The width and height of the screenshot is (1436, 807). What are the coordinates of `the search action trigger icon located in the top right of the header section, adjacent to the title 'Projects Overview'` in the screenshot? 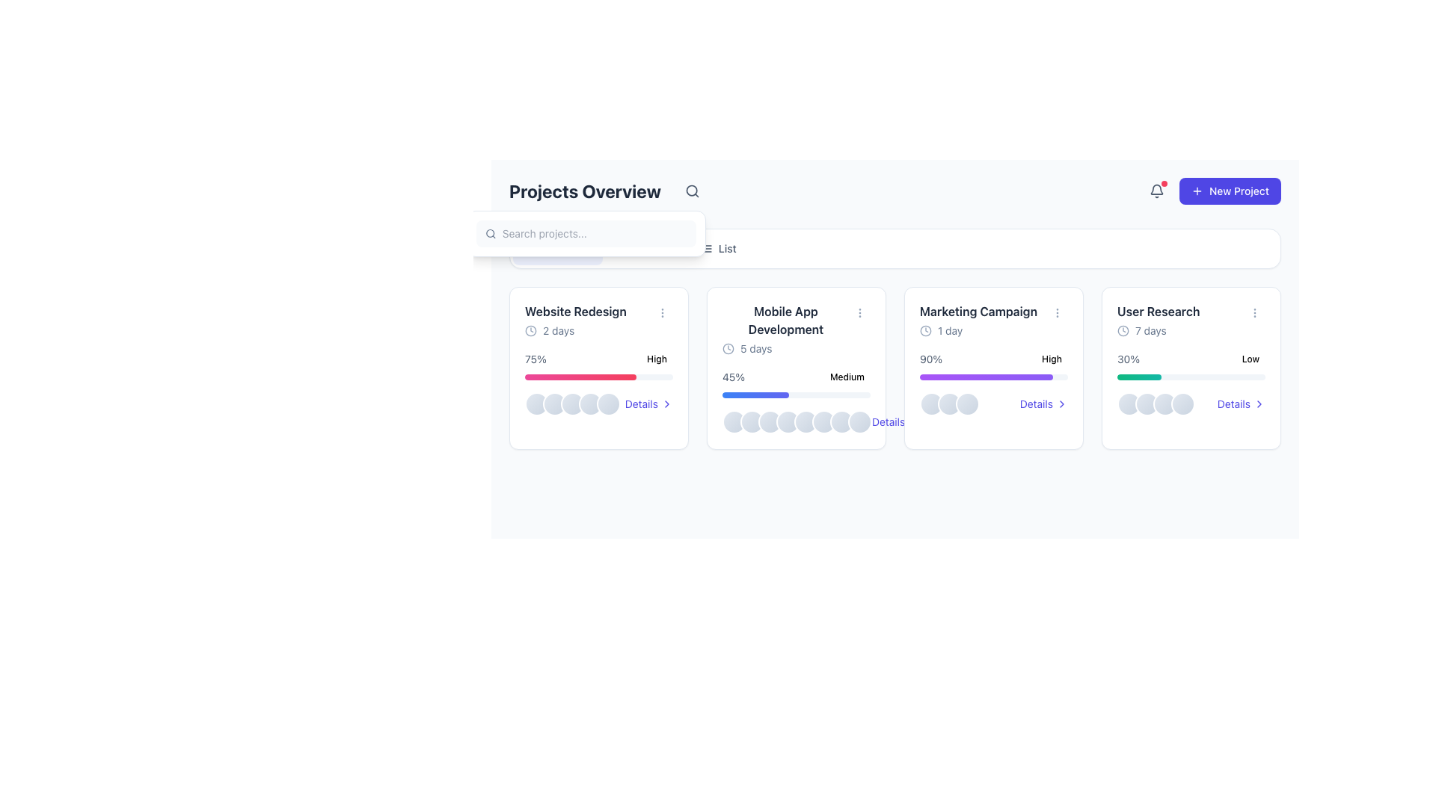 It's located at (692, 190).